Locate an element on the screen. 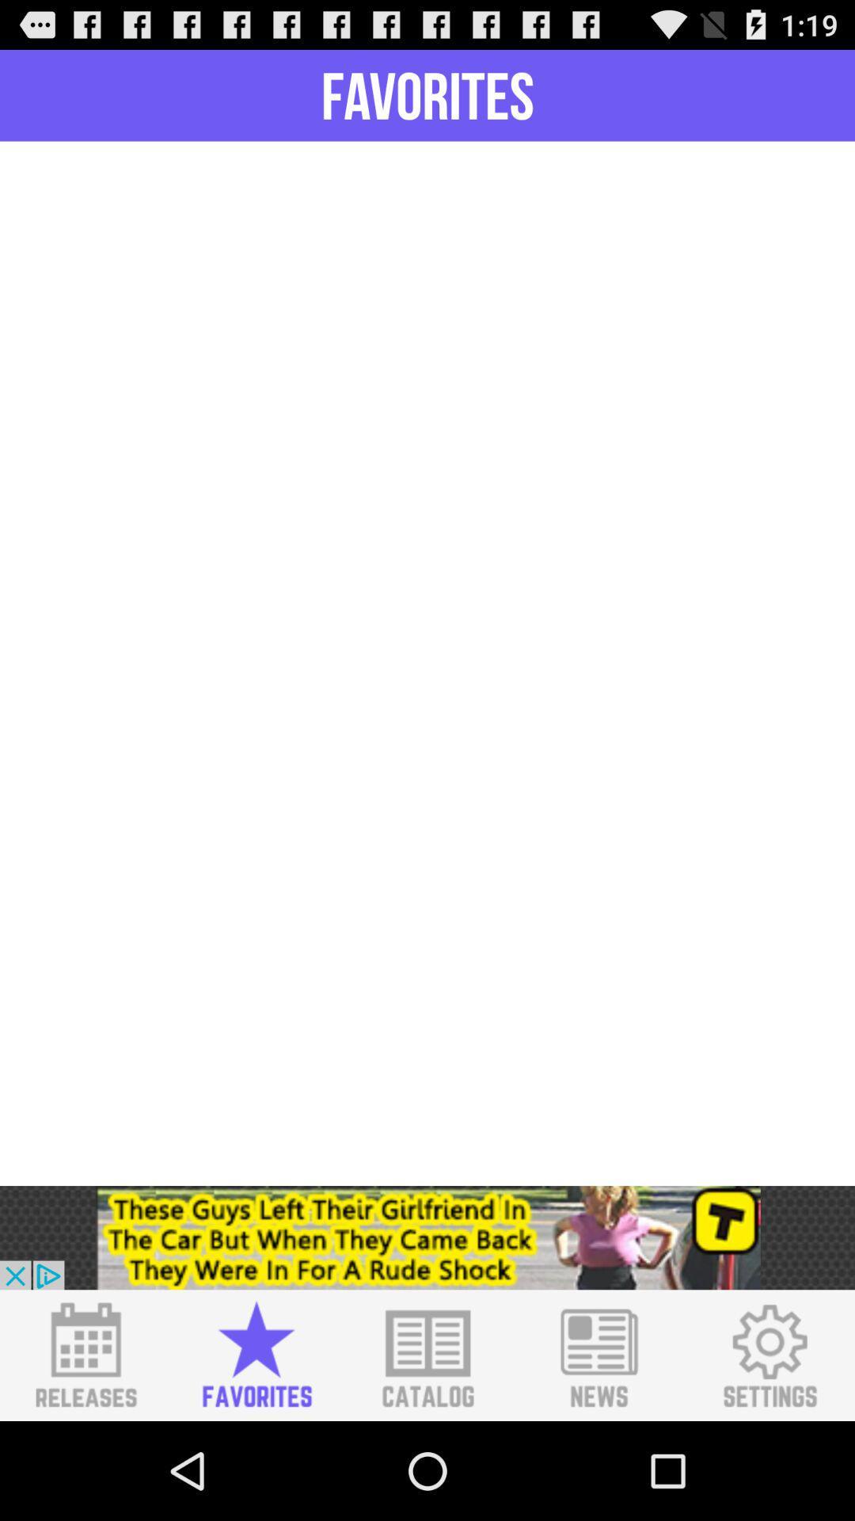  link to advertisement is located at coordinates (427, 1237).